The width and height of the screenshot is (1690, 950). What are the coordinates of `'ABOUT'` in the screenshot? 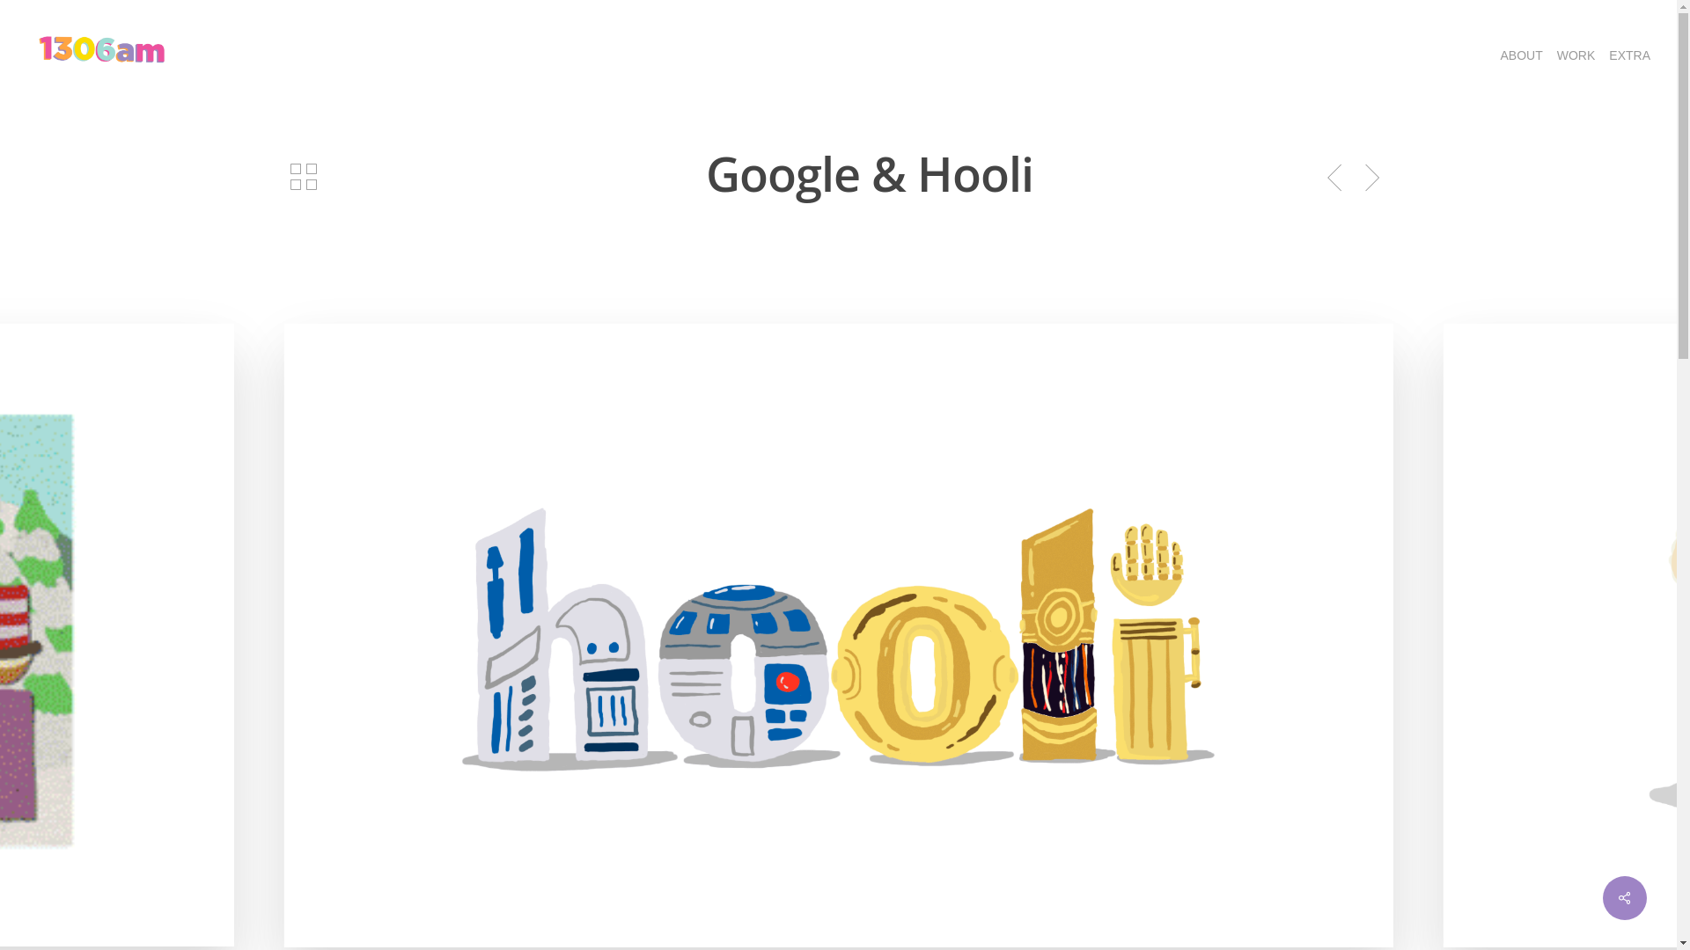 It's located at (1520, 54).